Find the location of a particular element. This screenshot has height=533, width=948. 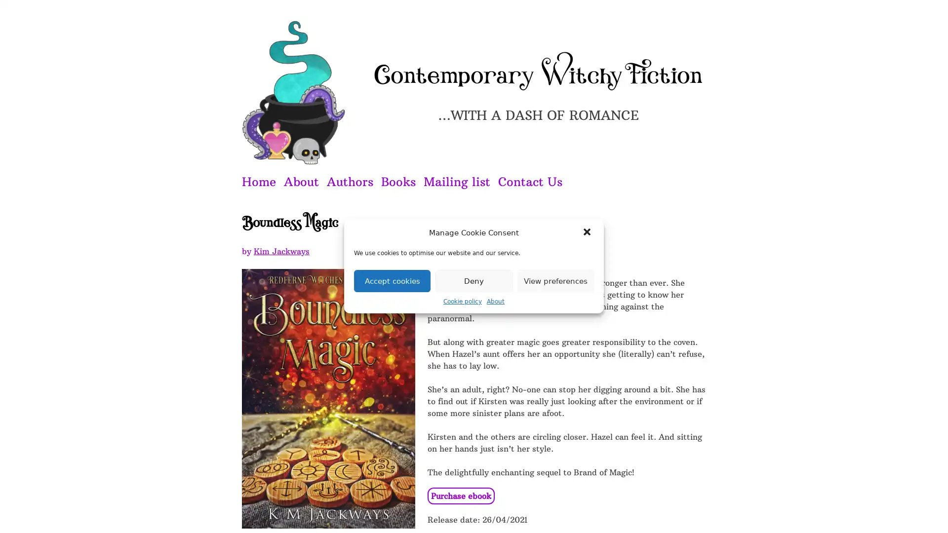

View preferences is located at coordinates (555, 281).